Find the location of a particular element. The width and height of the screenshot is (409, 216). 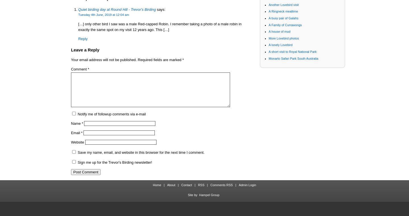

'Home' is located at coordinates (157, 185).